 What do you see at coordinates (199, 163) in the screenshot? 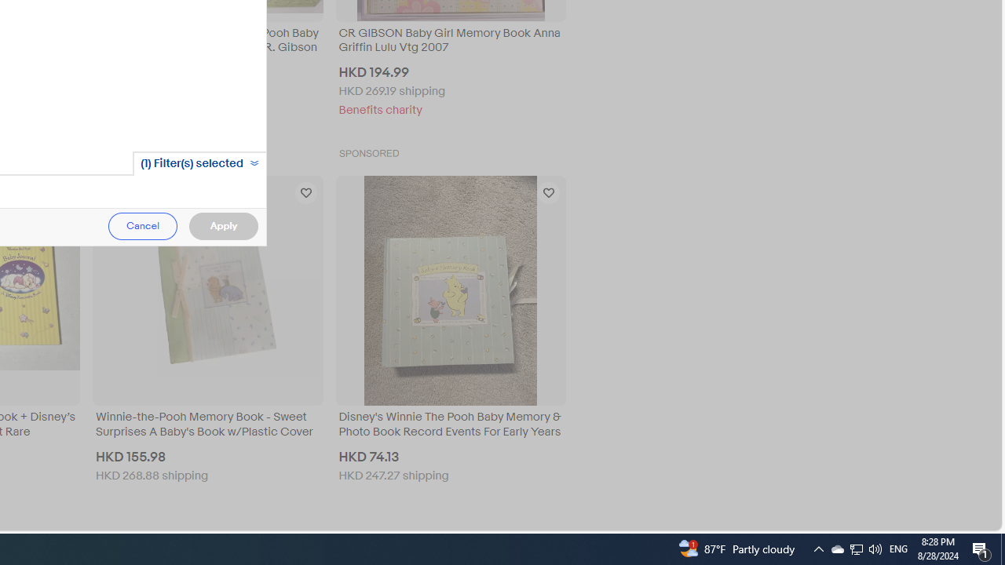
I see `'(1) Filter(s) selected'` at bounding box center [199, 163].